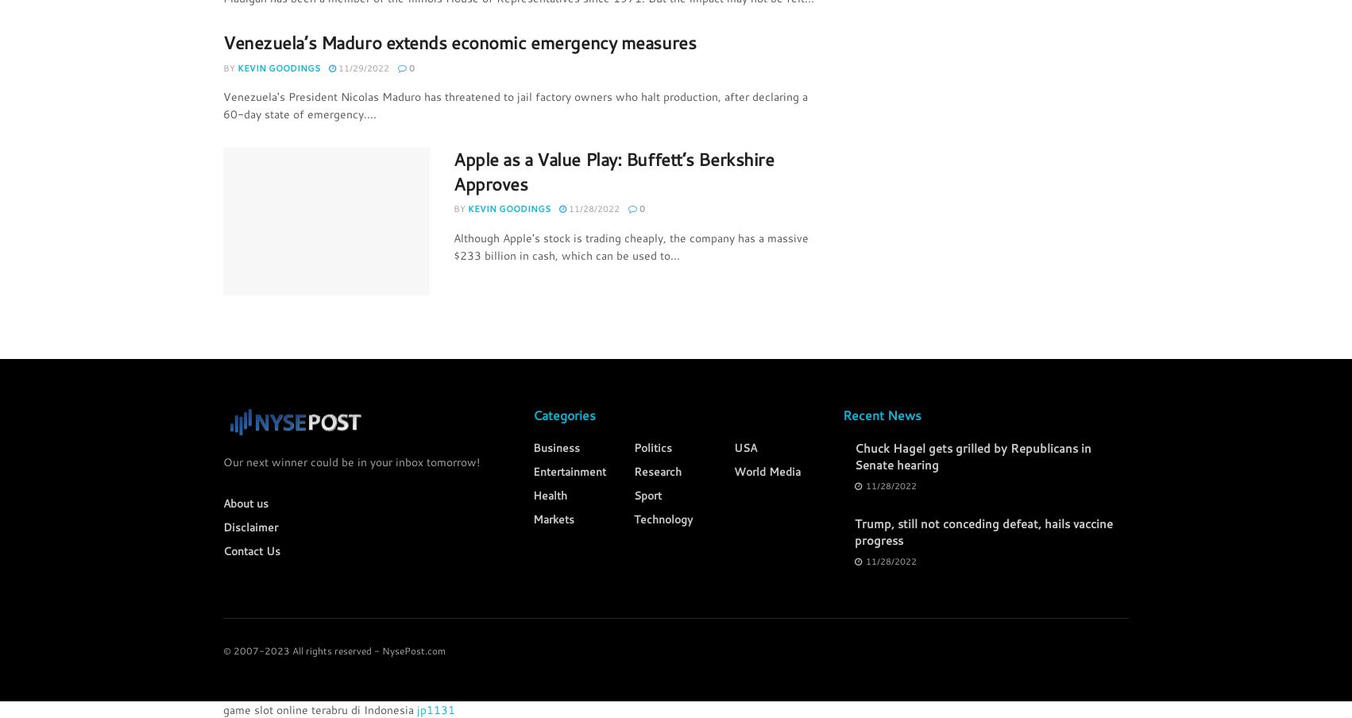 The width and height of the screenshot is (1352, 718). What do you see at coordinates (222, 649) in the screenshot?
I see `'© 2007-2023 All rights reserved - NysePost.com'` at bounding box center [222, 649].